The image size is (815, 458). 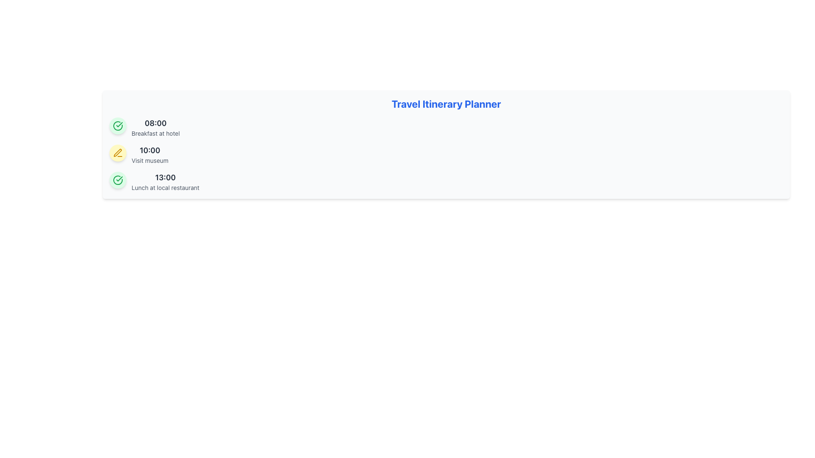 What do you see at coordinates (118, 126) in the screenshot?
I see `the completion icon located in the third row of the list, positioned to the left of the text '13:00' and 'Lunch at local restaurant'` at bounding box center [118, 126].